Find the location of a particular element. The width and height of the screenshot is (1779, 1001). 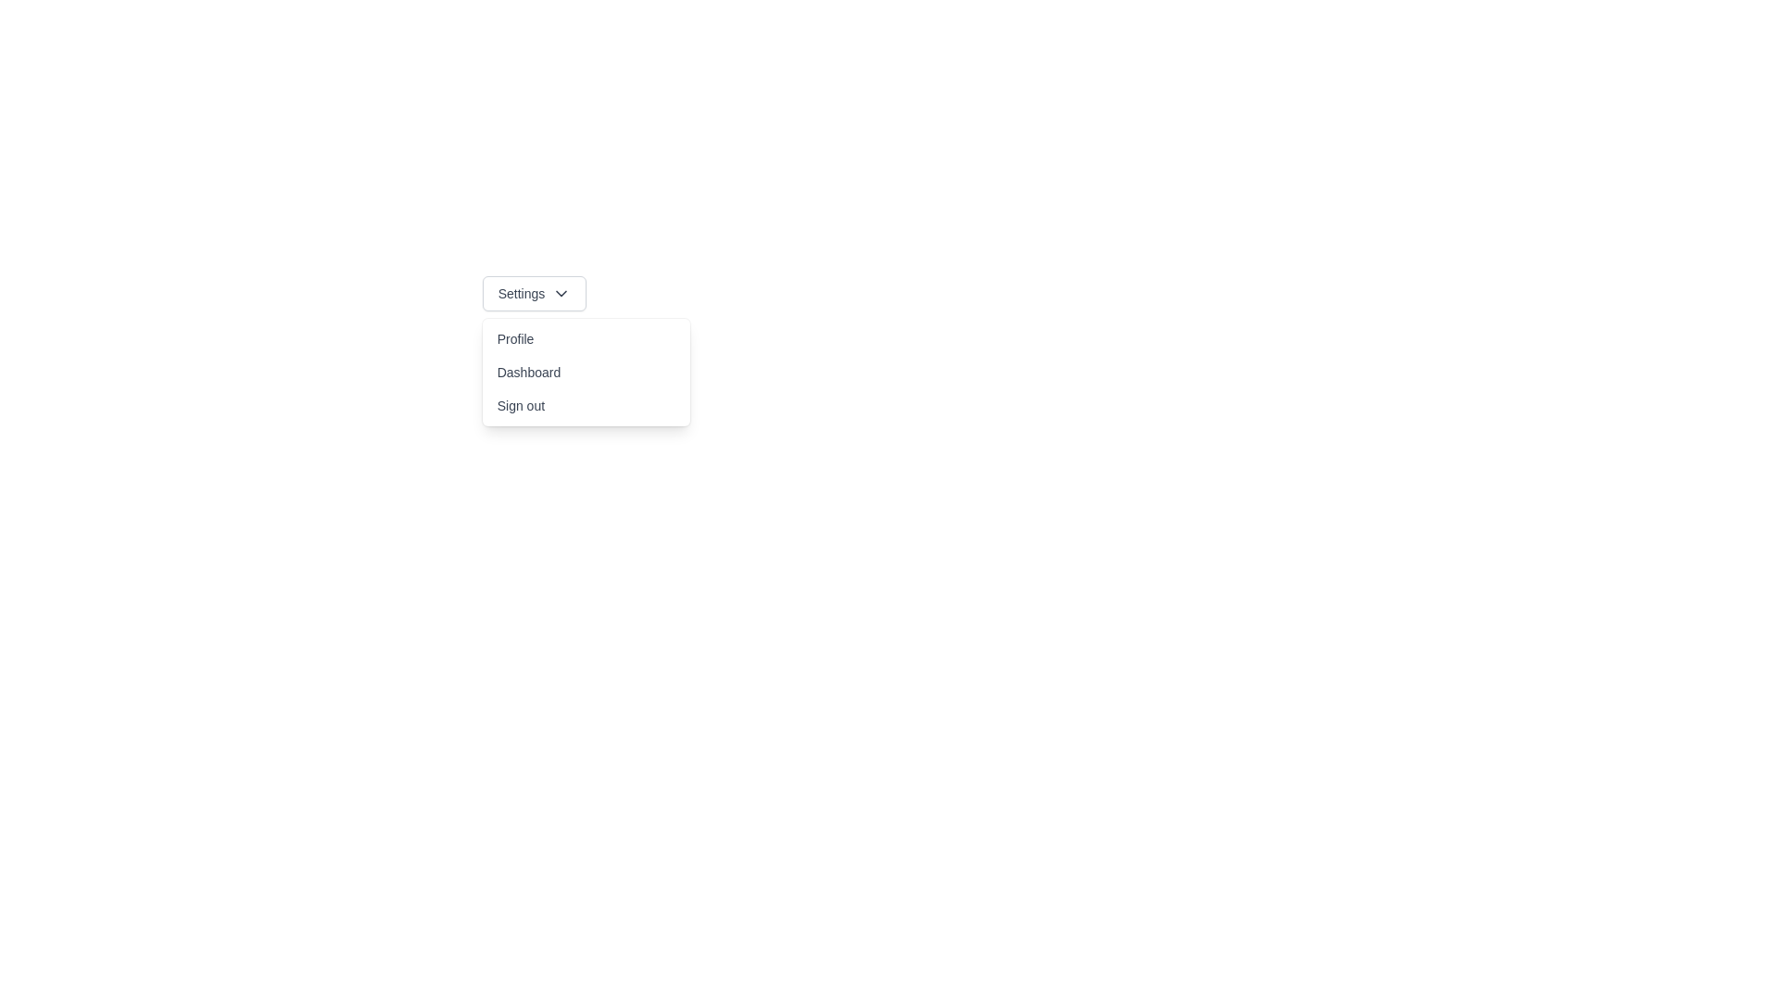

the 'Sign out' dropdown menu item, which is the last item in the dropdown menu under the 'Settings' button is located at coordinates (585, 405).